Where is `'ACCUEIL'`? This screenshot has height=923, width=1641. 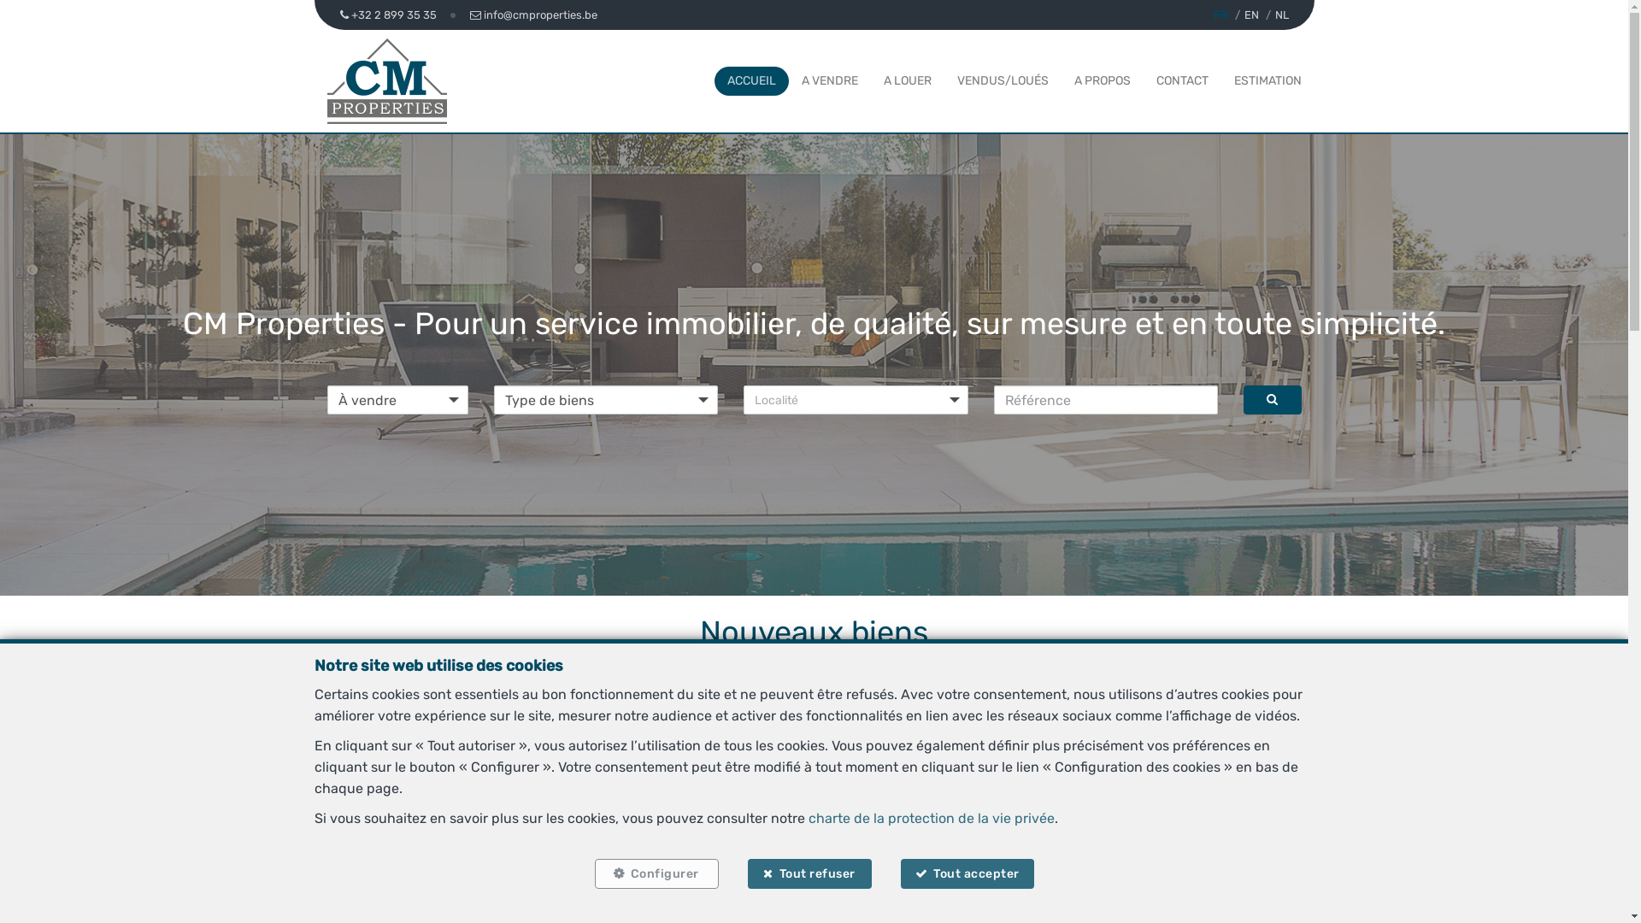 'ACCUEIL' is located at coordinates (750, 80).